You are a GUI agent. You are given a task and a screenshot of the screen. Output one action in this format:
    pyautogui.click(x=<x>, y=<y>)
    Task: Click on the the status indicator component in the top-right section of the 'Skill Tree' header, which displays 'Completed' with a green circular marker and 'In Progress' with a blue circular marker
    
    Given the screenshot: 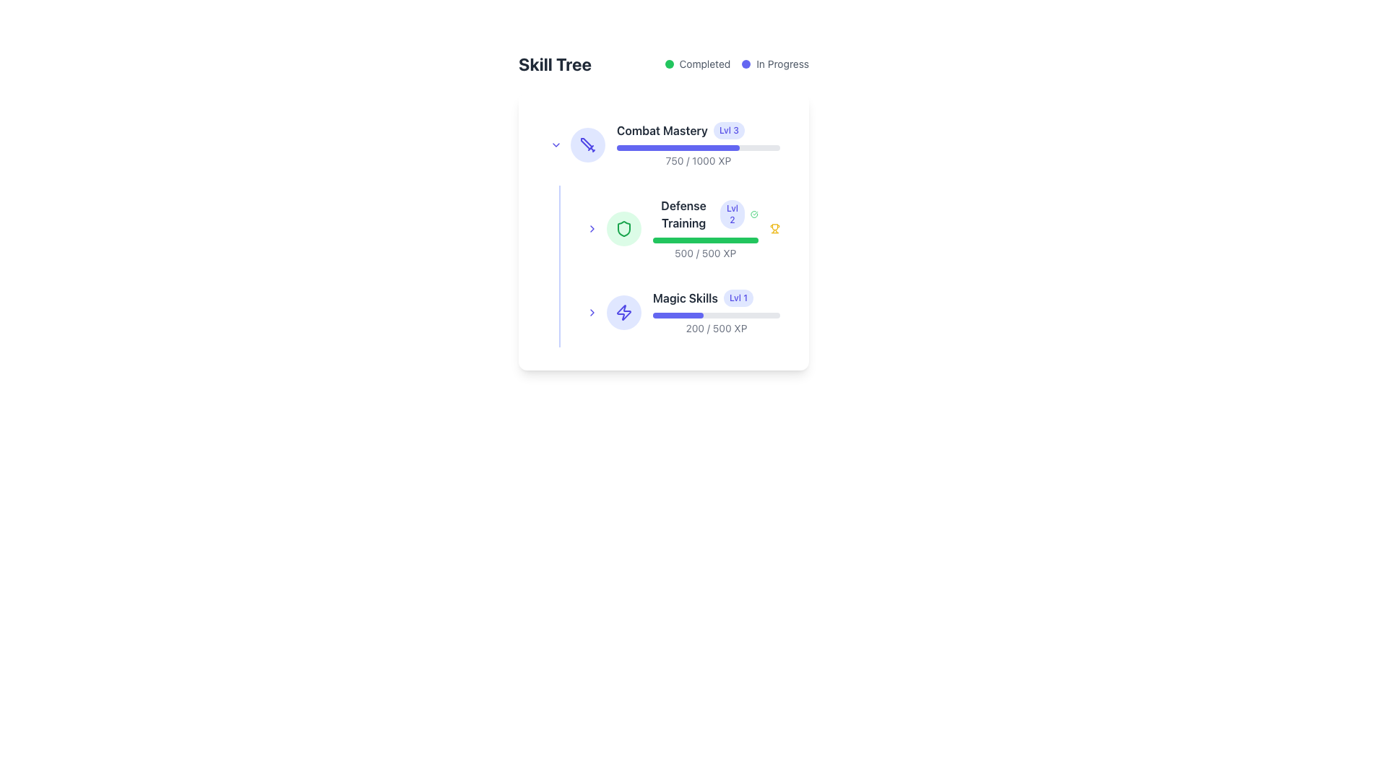 What is the action you would take?
    pyautogui.click(x=737, y=63)
    